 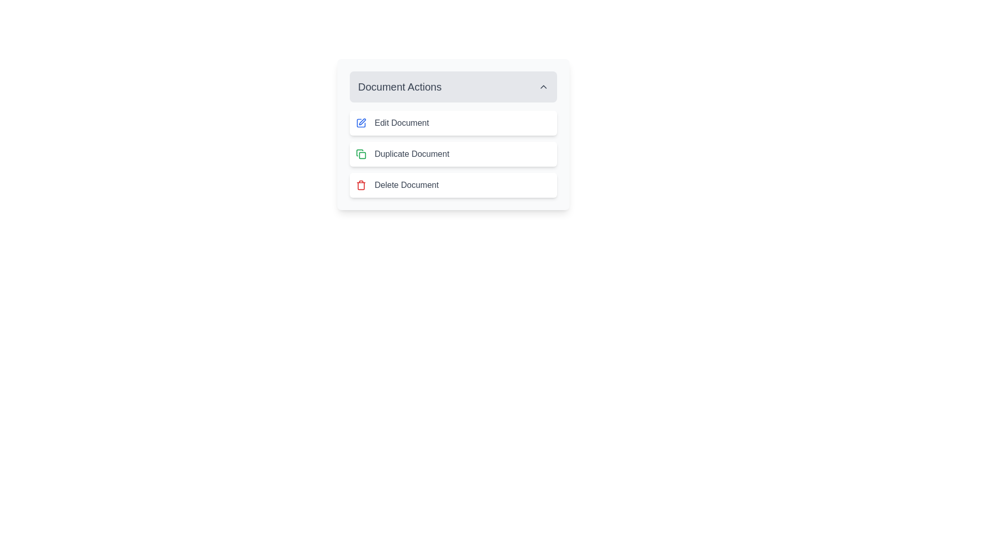 I want to click on the delete icon located at the bottom of the 'Document Actions' dropdown, so click(x=361, y=185).